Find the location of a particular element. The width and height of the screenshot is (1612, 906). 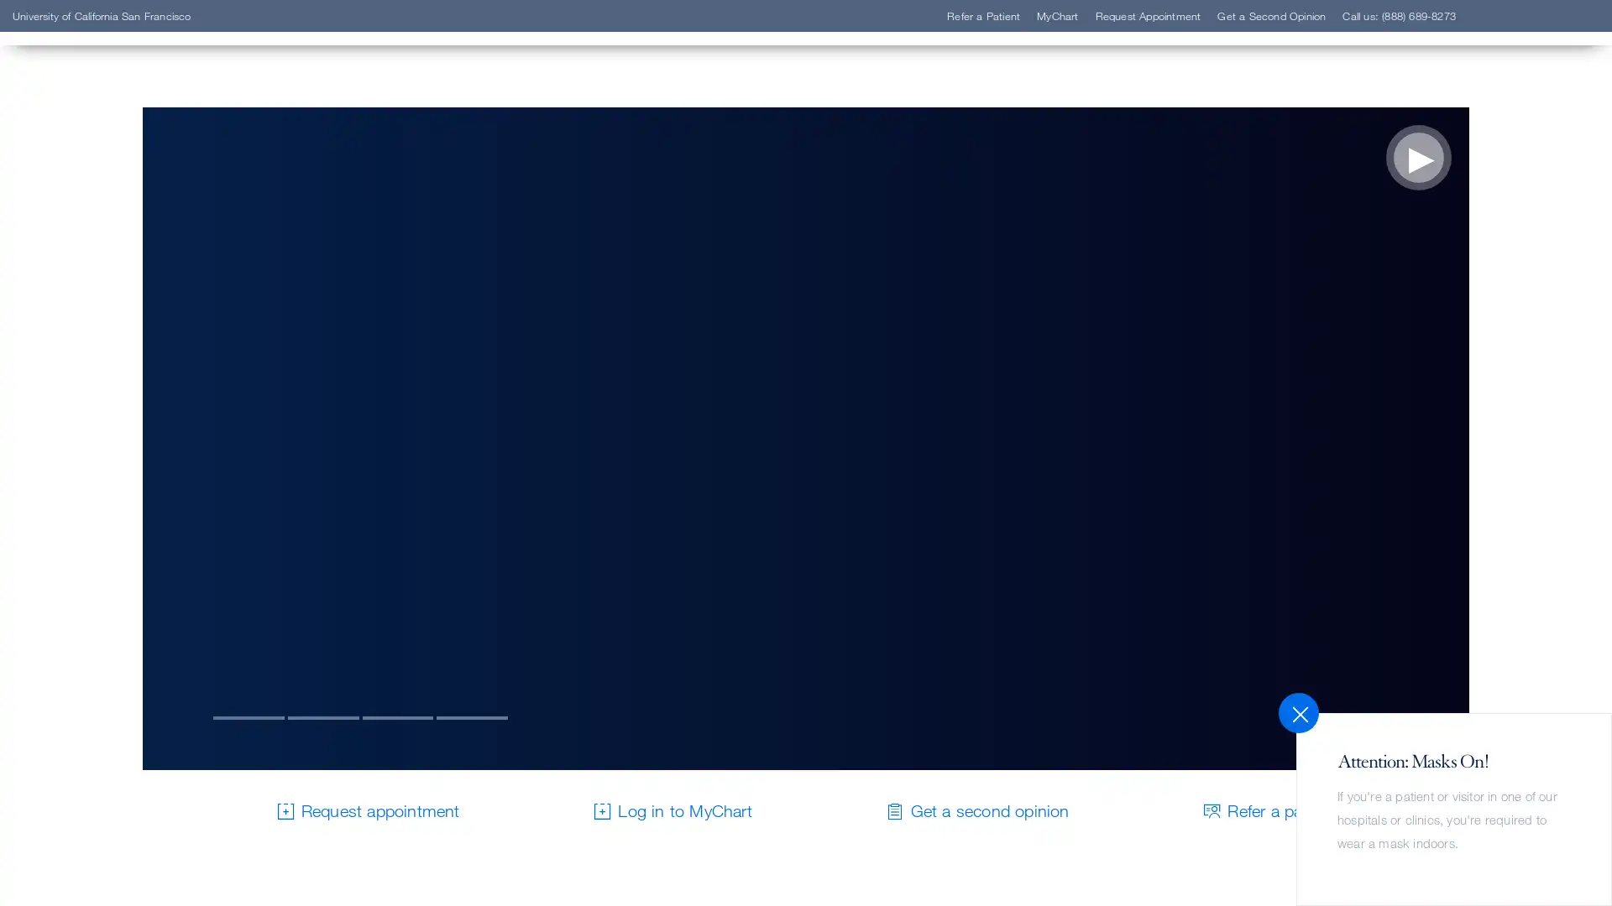

Conditions is located at coordinates (106, 323).